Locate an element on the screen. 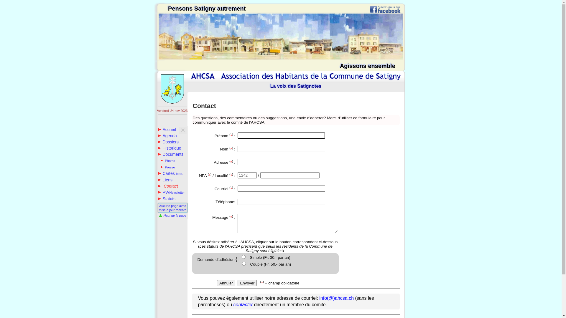  'Liens' is located at coordinates (165, 179).